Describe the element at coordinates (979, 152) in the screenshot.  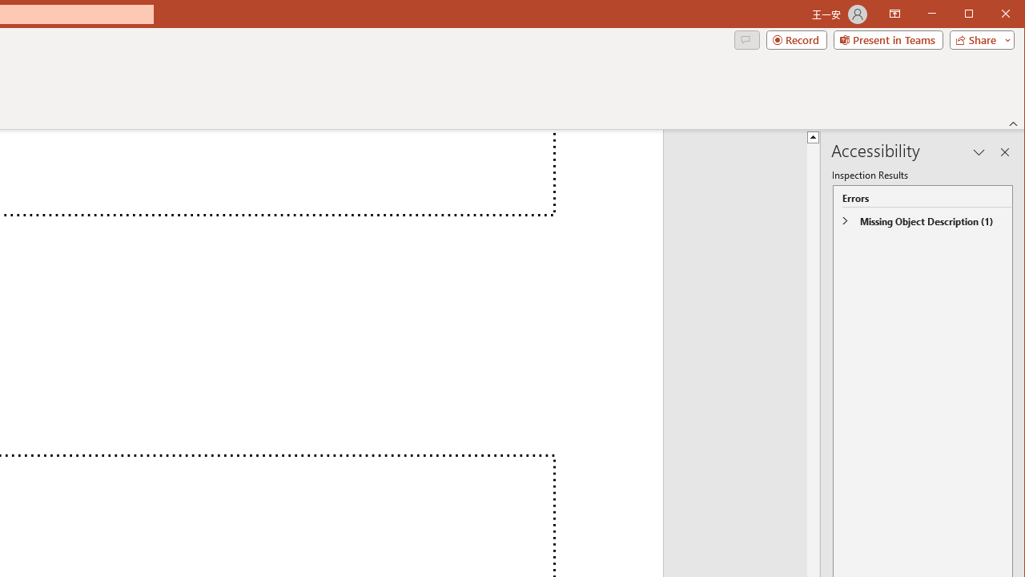
I see `'Task Pane Options'` at that location.